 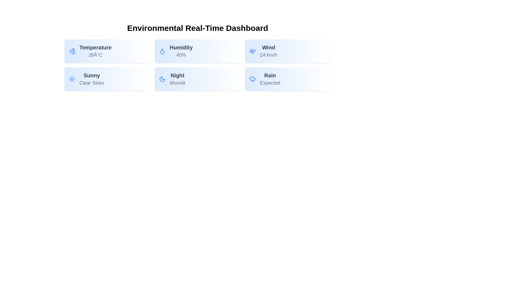 What do you see at coordinates (95, 47) in the screenshot?
I see `the temperature label located at the top left of the weather information card in the grid layout` at bounding box center [95, 47].